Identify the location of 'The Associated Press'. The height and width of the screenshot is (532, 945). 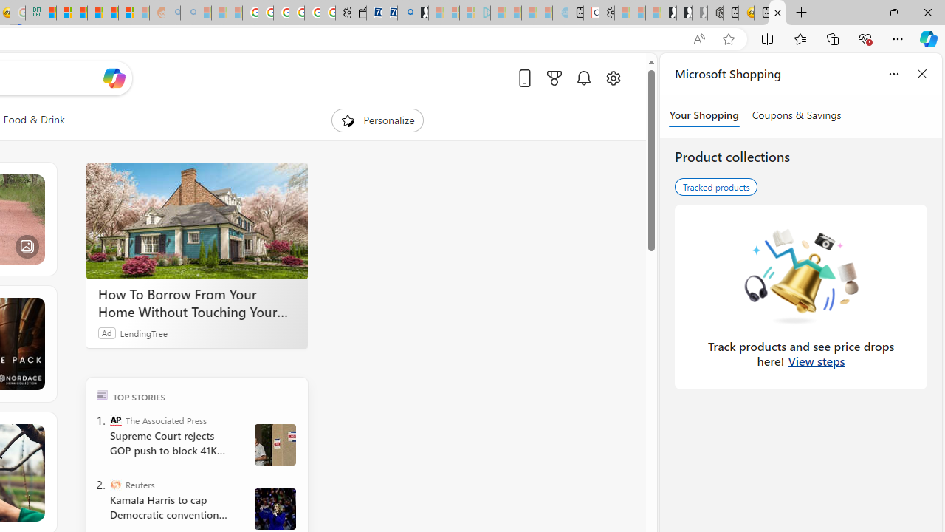
(114, 420).